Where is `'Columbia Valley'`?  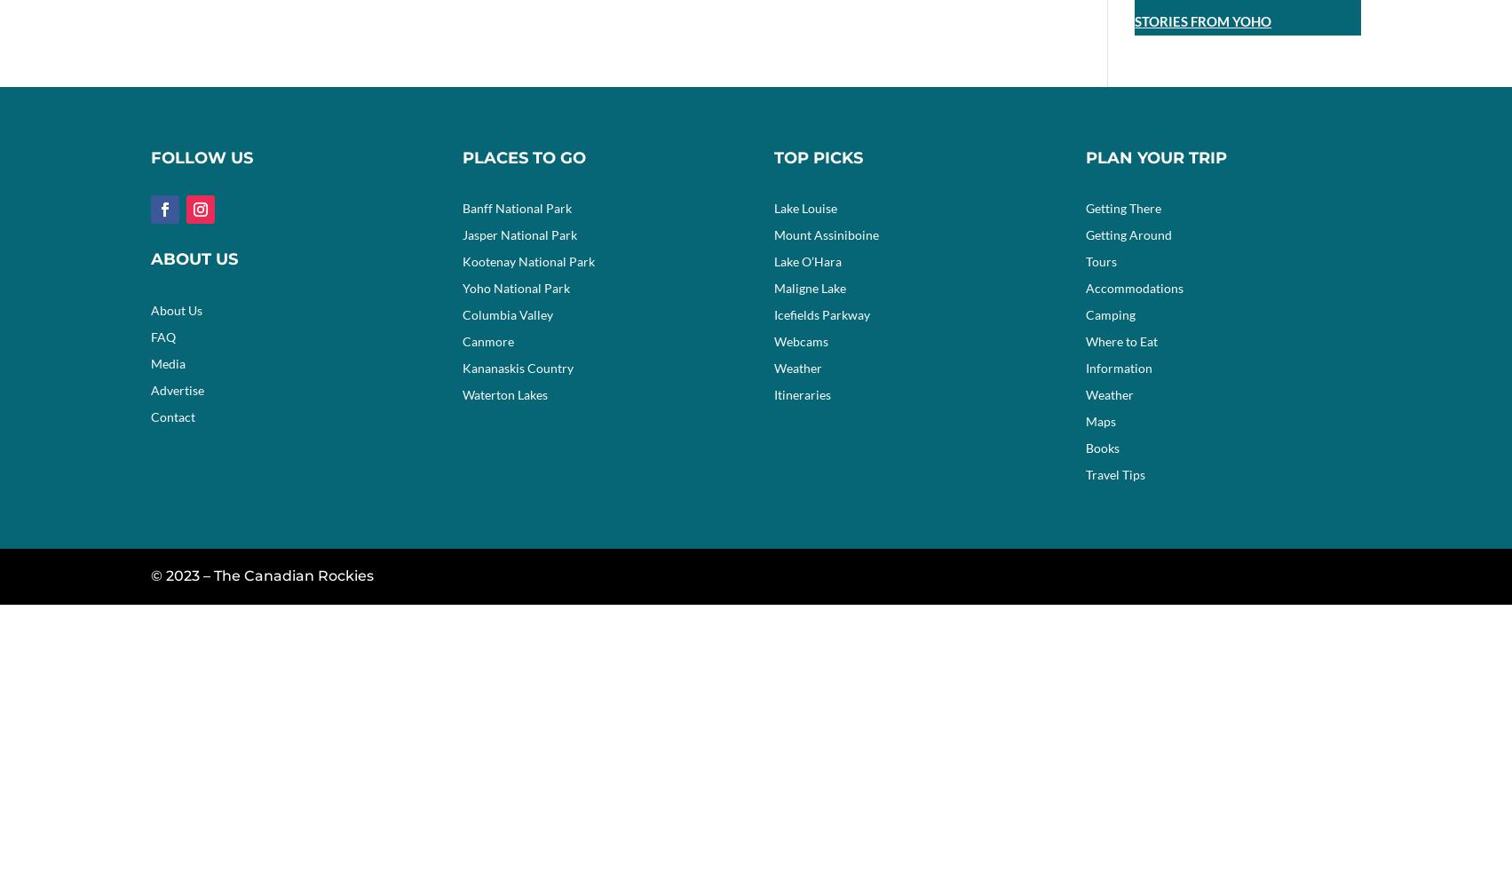 'Columbia Valley' is located at coordinates (461, 313).